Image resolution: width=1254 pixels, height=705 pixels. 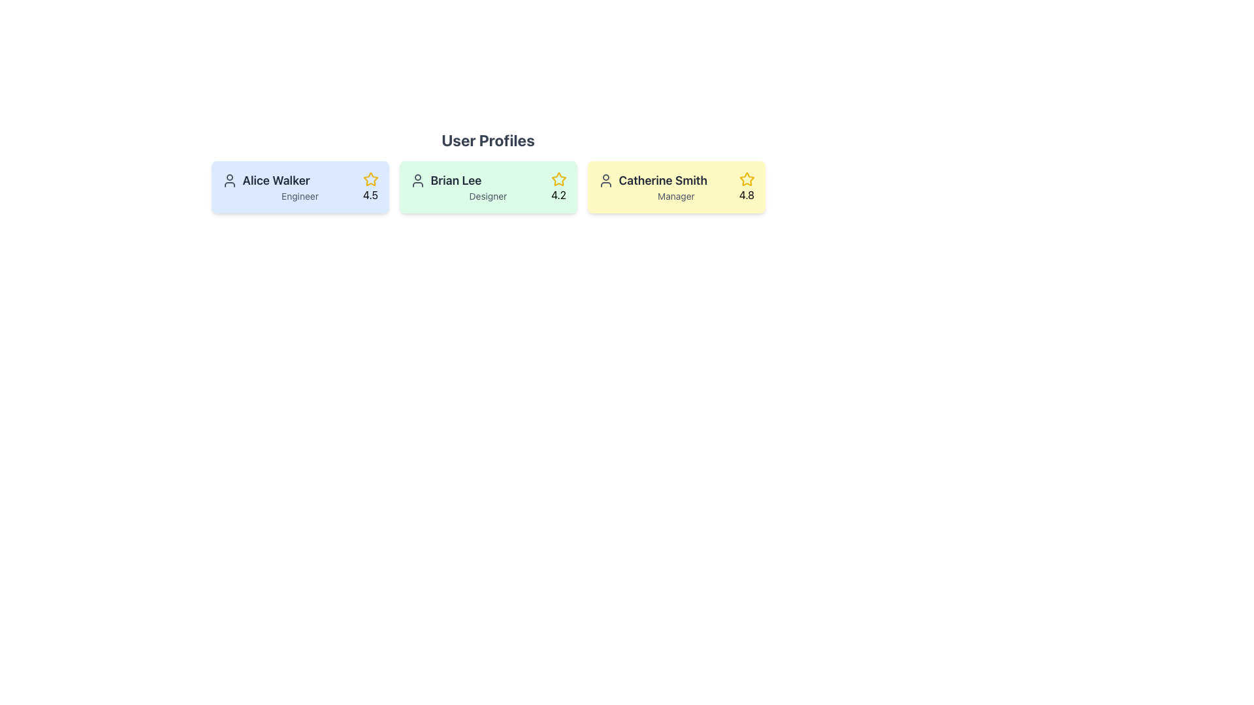 I want to click on the text label displaying 'Alice Walker', which is the first text component in the profile card section under 'User Profiles', so click(x=299, y=181).